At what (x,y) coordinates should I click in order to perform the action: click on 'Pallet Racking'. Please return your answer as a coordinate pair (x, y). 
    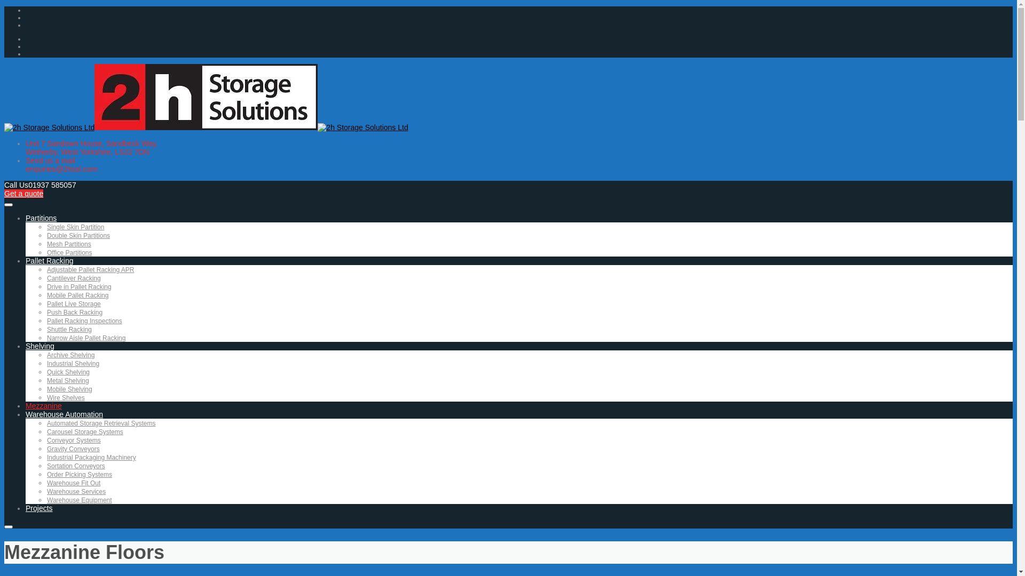
    Looking at the image, I should click on (49, 261).